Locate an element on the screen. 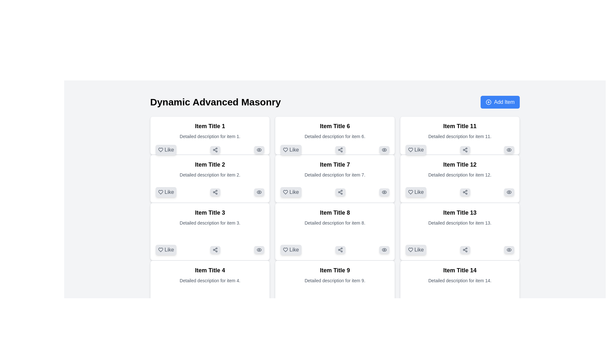  the small rectangular button with a light gray background and rounded corners, featuring a share symbol, located within the card titled 'Item Title 7' is located at coordinates (340, 192).